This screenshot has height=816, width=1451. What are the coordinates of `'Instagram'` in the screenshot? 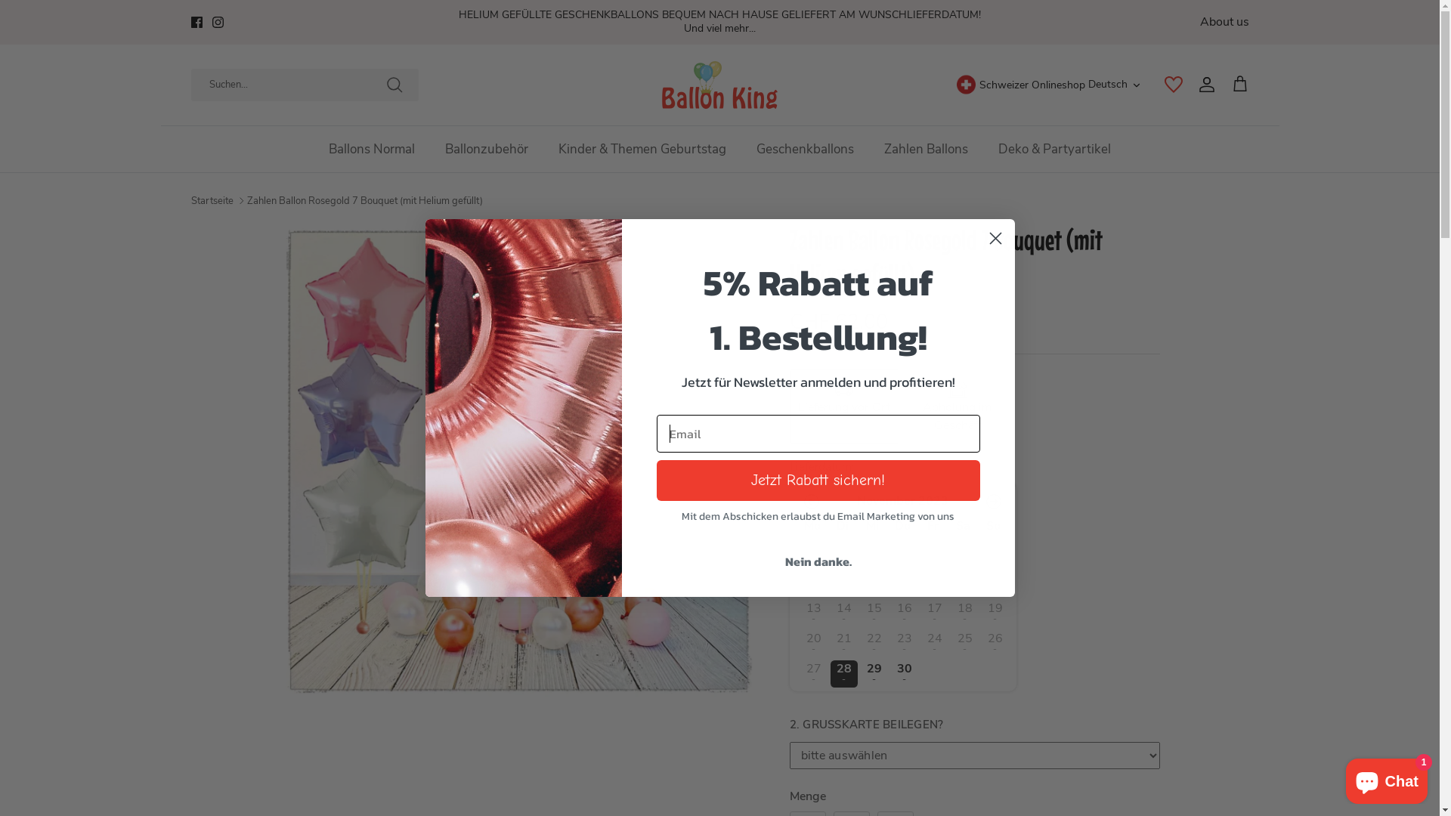 It's located at (216, 22).